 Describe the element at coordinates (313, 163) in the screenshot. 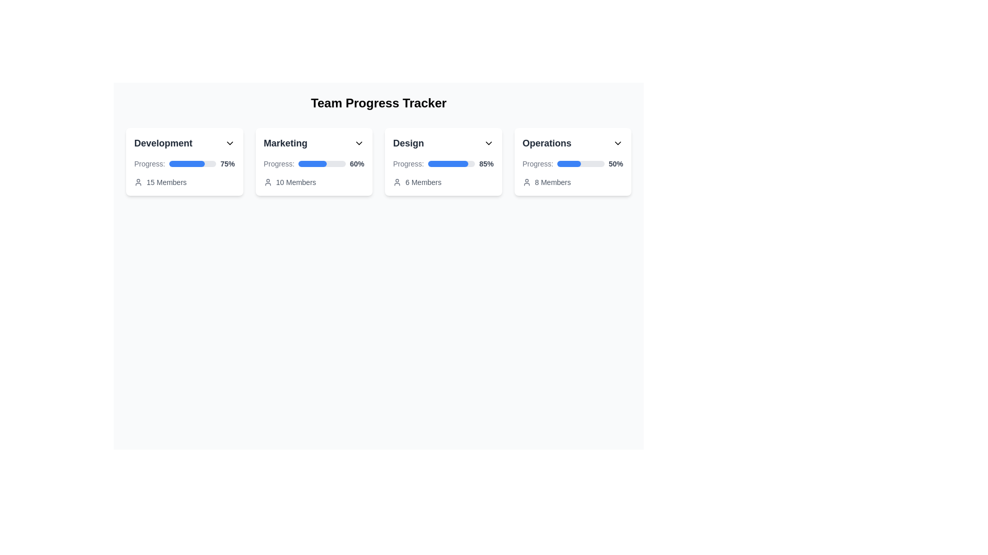

I see `the progress bar of the 'Progress:' indicator within the 'Marketing' card to interact with the progress value` at that location.